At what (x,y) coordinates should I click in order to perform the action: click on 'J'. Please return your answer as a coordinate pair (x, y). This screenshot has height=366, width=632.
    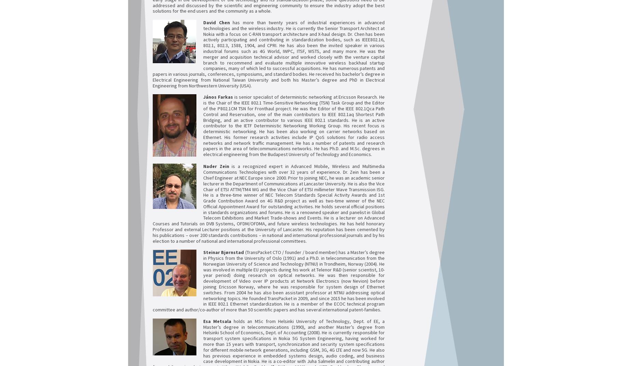
    Looking at the image, I should click on (203, 96).